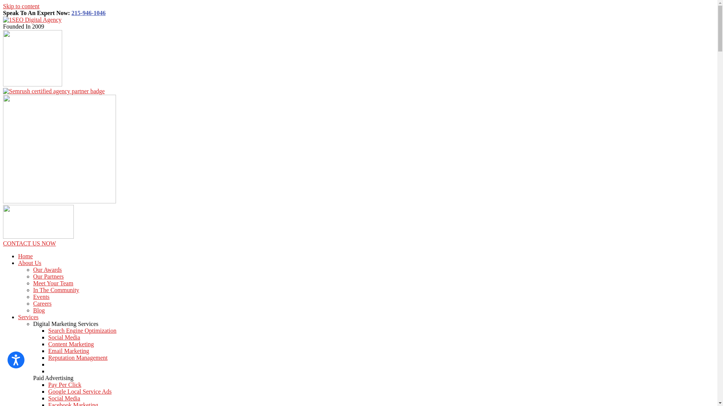  I want to click on 'Services', so click(28, 317).